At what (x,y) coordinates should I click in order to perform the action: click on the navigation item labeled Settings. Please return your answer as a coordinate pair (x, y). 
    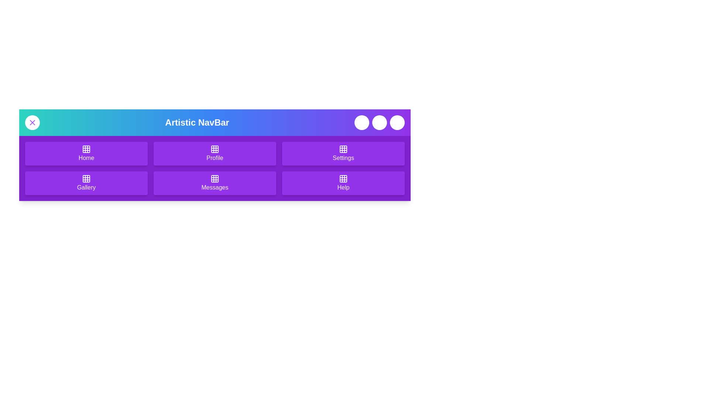
    Looking at the image, I should click on (343, 153).